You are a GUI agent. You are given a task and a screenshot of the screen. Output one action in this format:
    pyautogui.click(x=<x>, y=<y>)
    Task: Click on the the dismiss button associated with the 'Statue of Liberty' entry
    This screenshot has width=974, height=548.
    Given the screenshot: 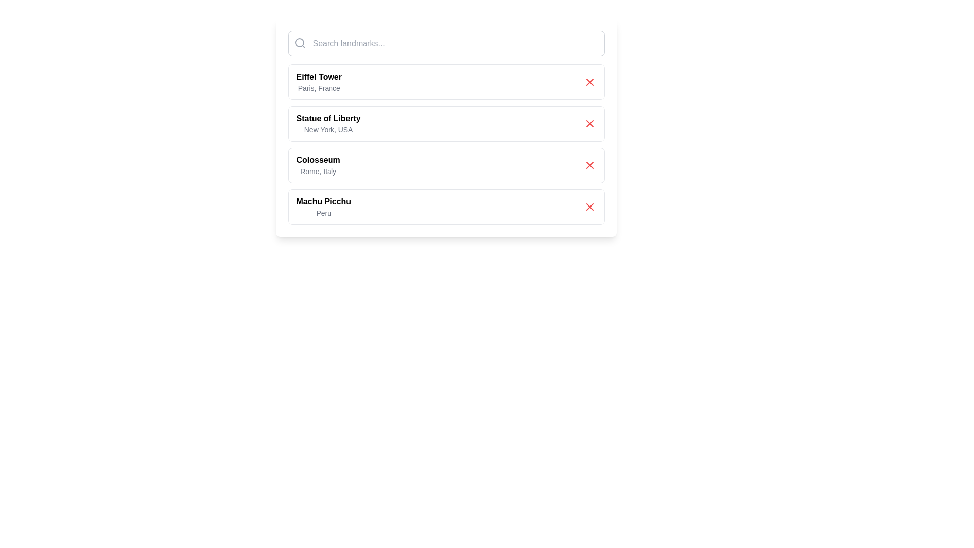 What is the action you would take?
    pyautogui.click(x=589, y=123)
    